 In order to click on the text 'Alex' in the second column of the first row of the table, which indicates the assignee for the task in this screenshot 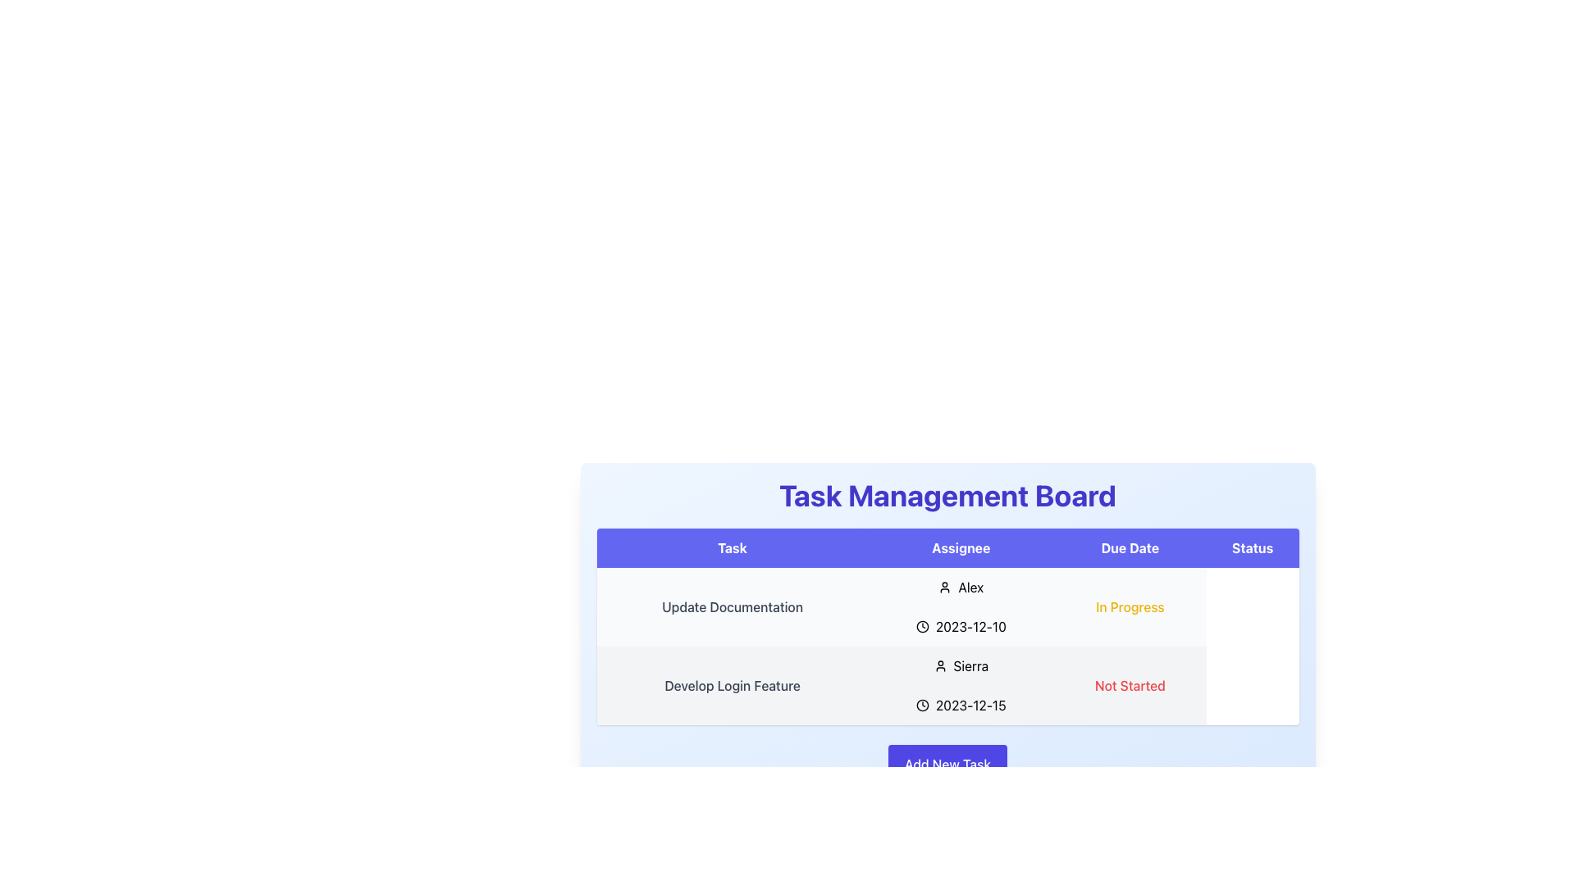, I will do `click(970, 587)`.